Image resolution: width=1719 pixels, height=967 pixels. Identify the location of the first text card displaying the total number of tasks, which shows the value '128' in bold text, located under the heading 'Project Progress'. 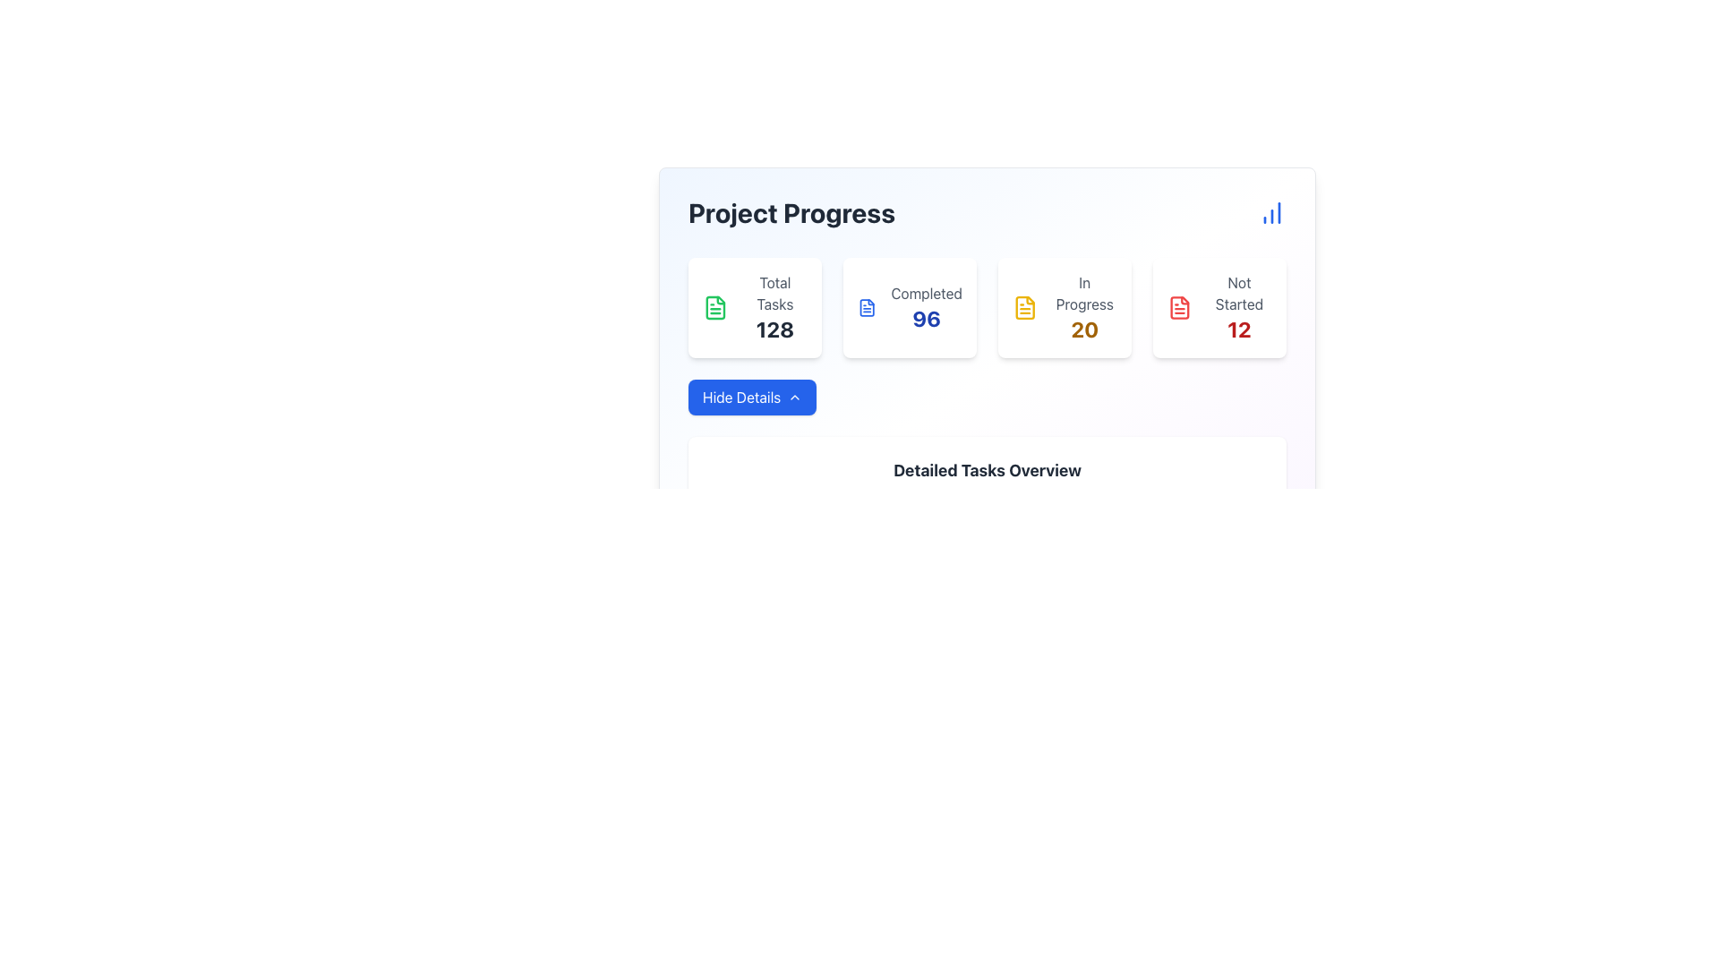
(774, 306).